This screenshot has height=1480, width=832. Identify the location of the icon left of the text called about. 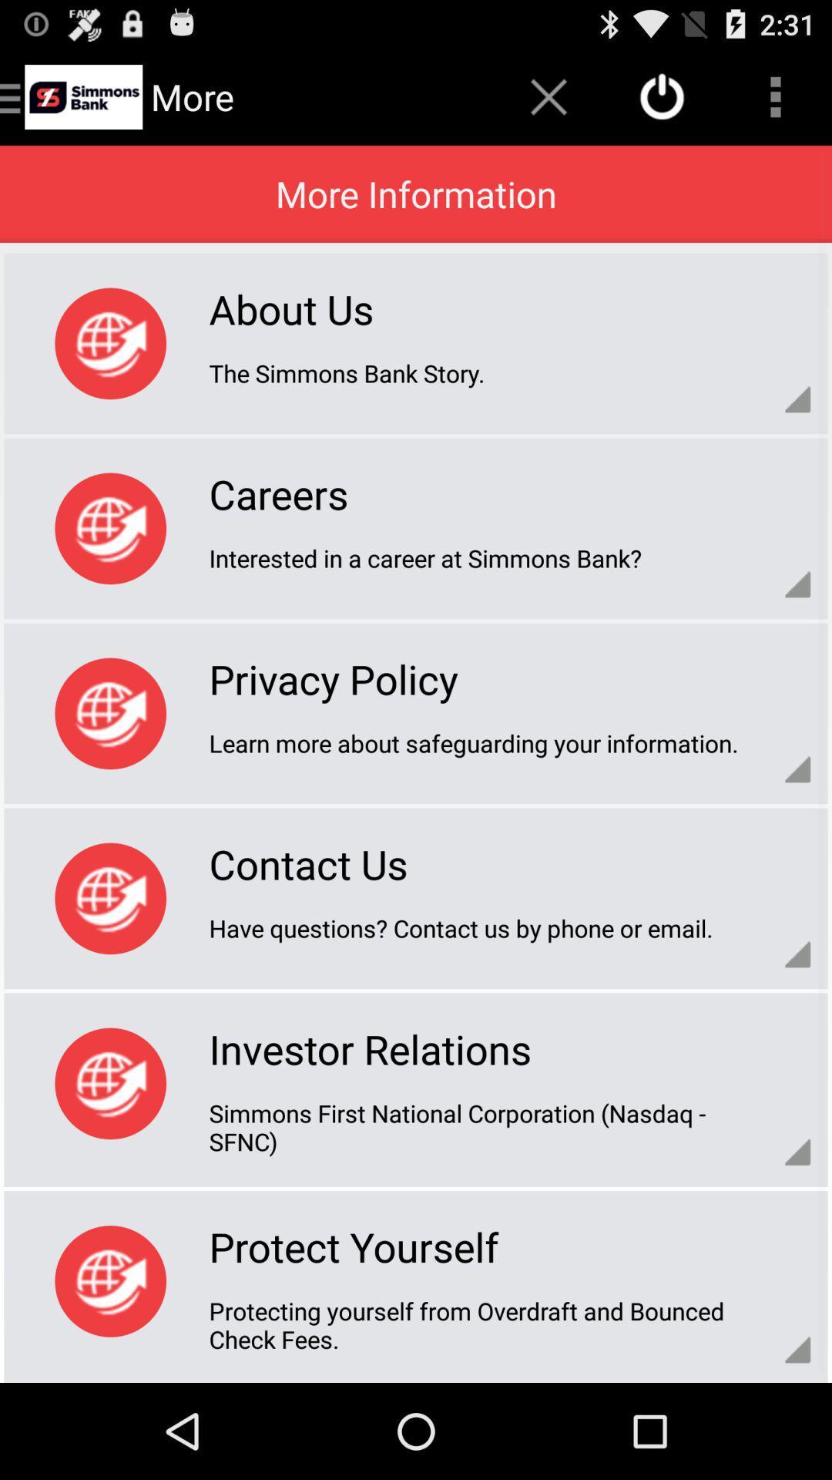
(109, 343).